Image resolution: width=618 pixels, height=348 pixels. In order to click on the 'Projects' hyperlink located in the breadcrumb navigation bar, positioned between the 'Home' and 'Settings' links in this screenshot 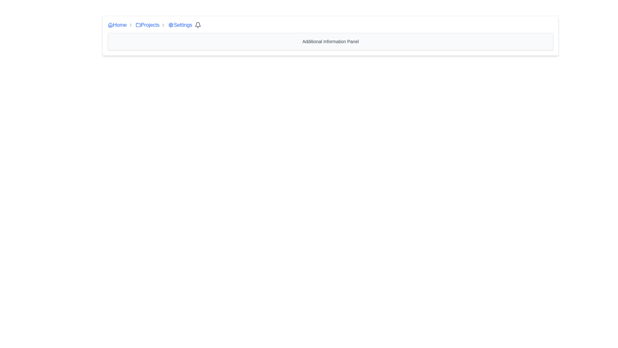, I will do `click(147, 24)`.